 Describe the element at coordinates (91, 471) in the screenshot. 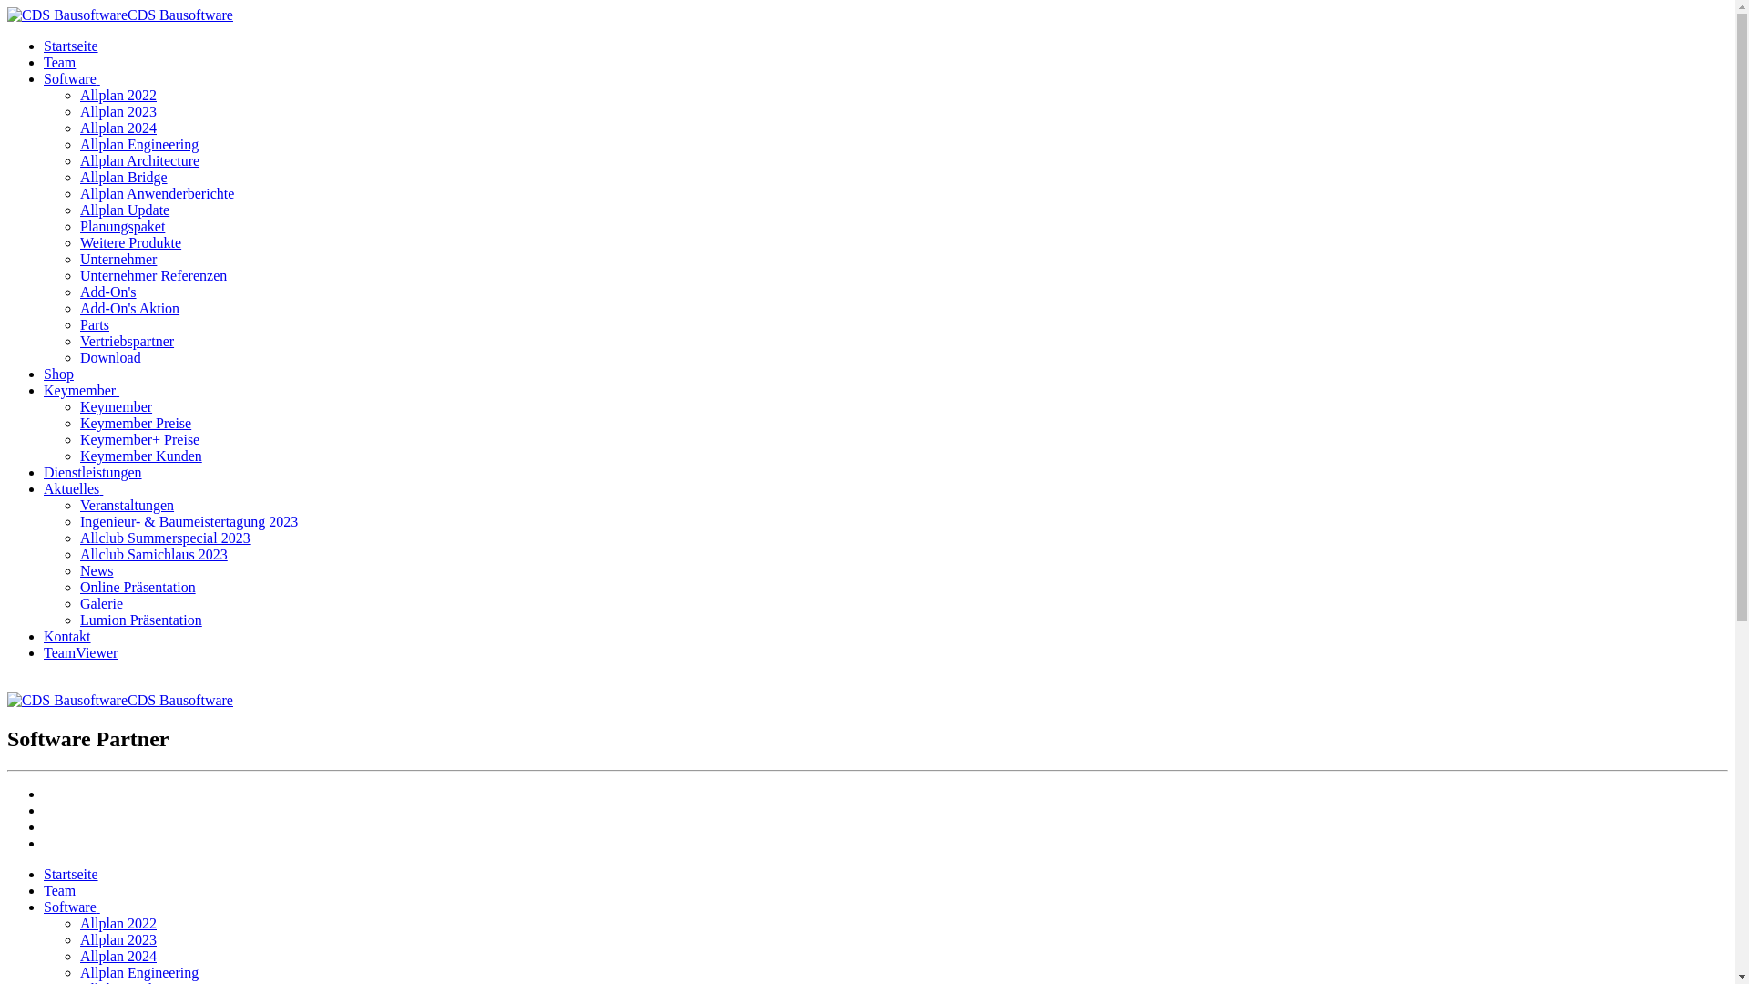

I see `'Dienstleistungen'` at that location.